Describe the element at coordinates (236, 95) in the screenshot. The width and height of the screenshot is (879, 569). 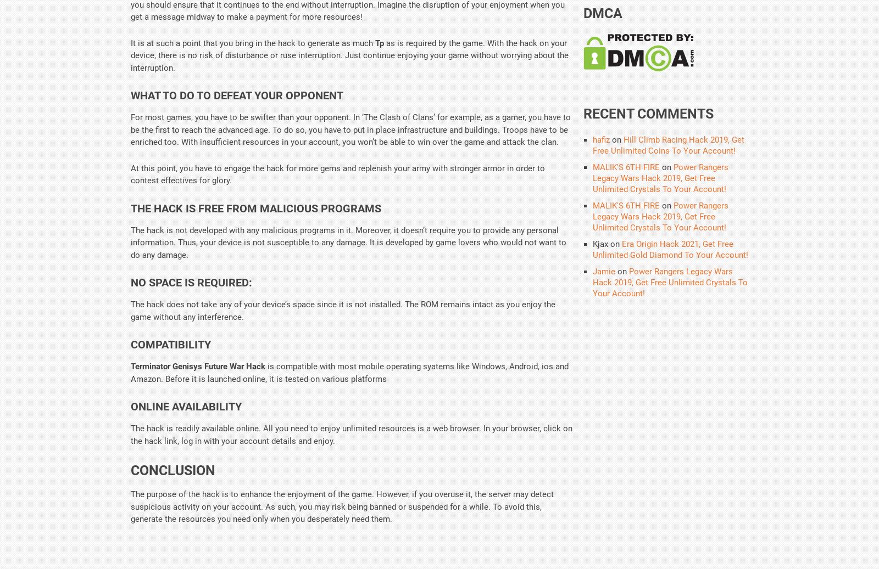
I see `'What to Do to Defeat Your Opponent'` at that location.